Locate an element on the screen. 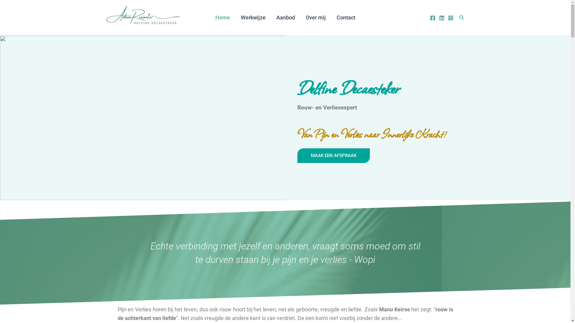  'Werkwijze' is located at coordinates (253, 17).